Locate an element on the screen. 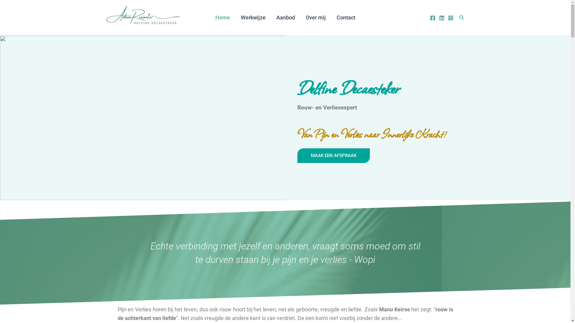  'Werkwijze' is located at coordinates (253, 17).